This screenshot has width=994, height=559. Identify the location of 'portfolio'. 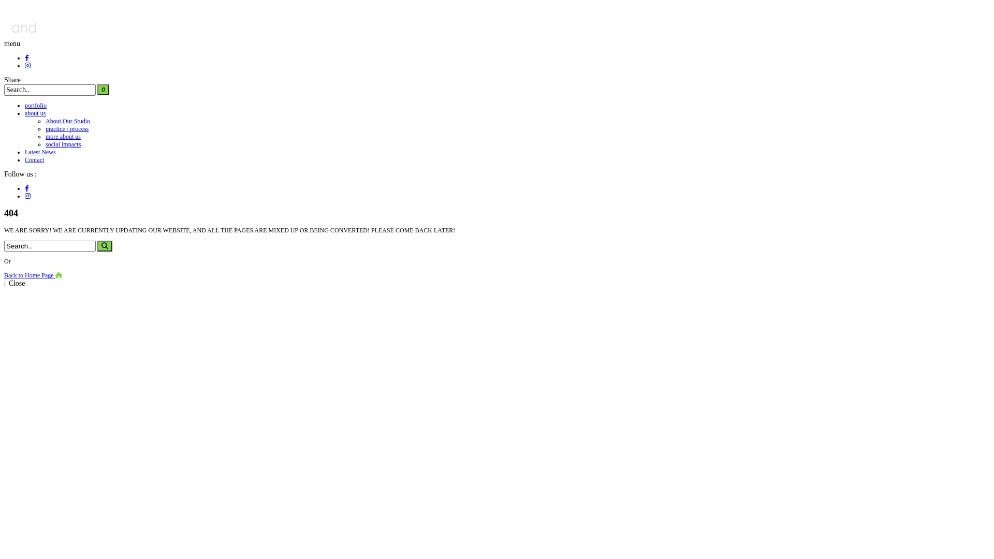
(35, 106).